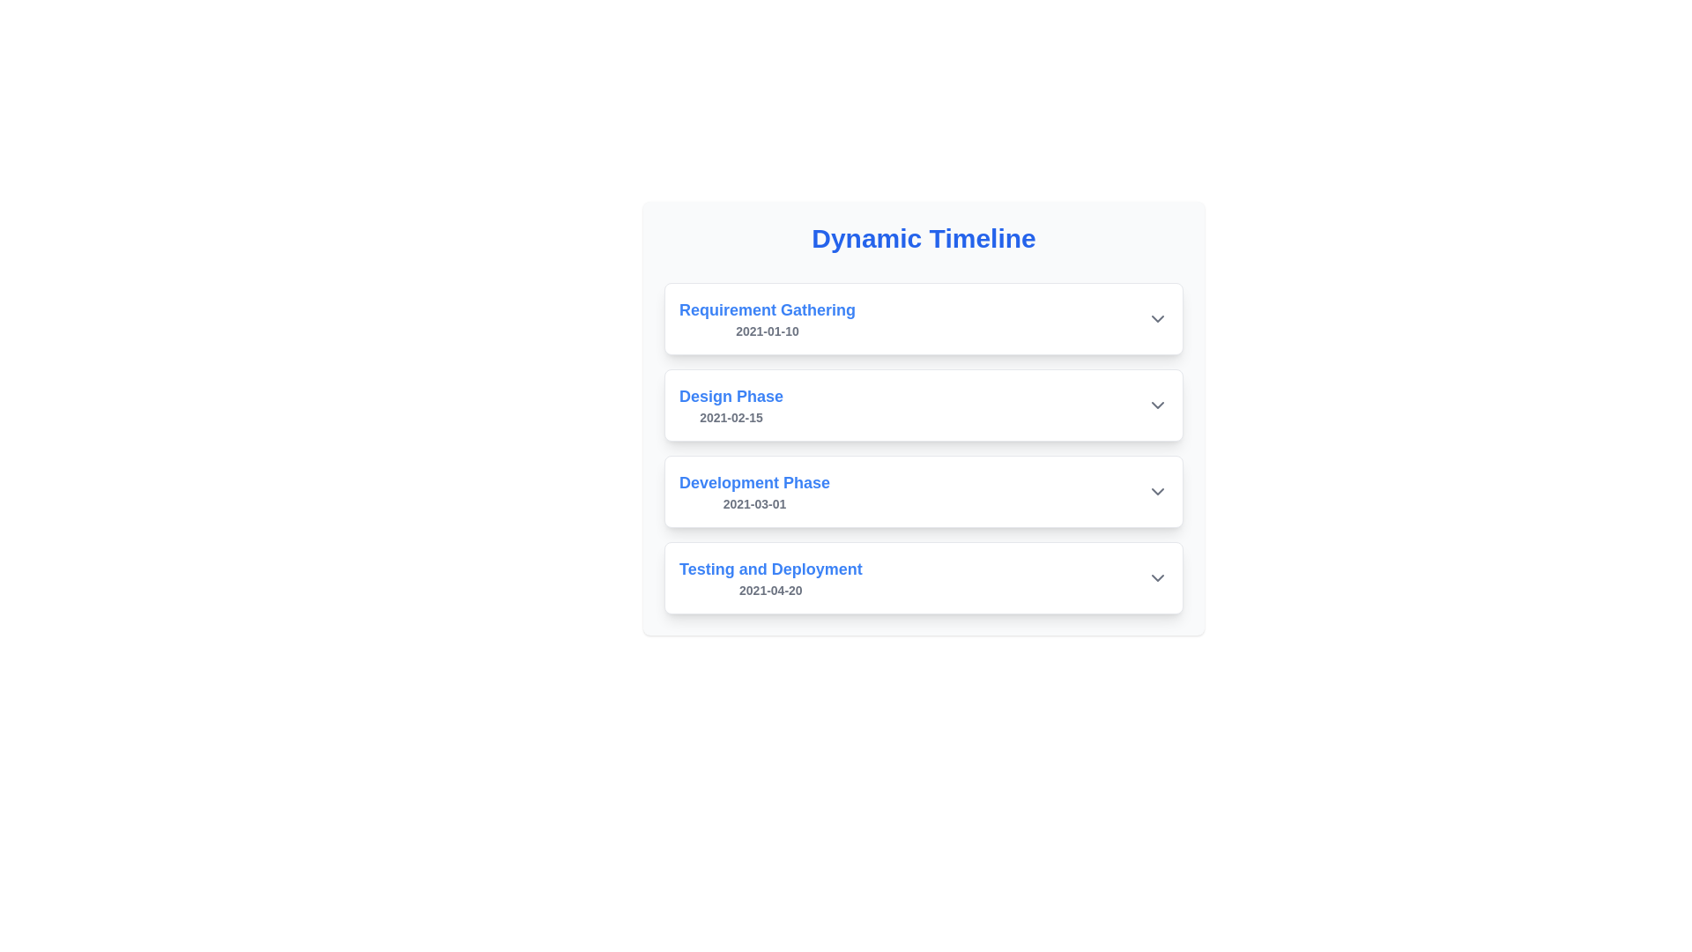 The image size is (1692, 952). I want to click on the 'Design Phase' text label, which is styled in blue and serves as a title above the date text '2021-02-15' in the timeline list, so click(731, 397).